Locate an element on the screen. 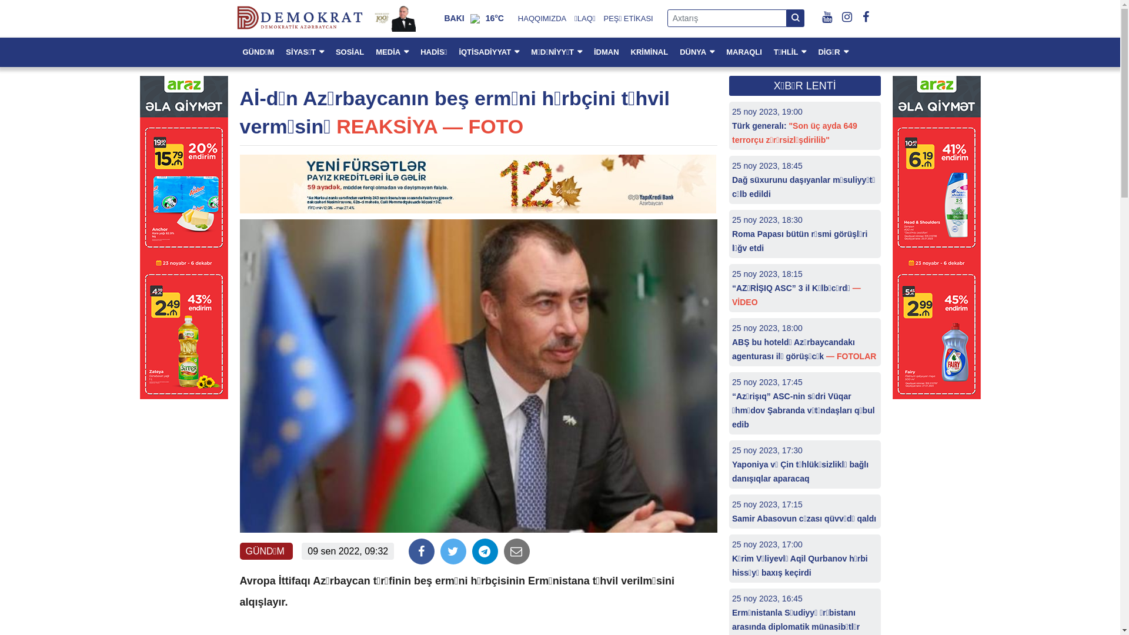 Image resolution: width=1129 pixels, height=635 pixels. 'HAQQIMIZDA' is located at coordinates (517, 18).